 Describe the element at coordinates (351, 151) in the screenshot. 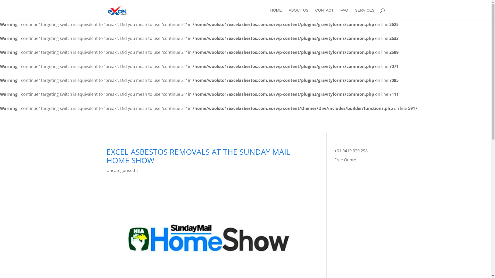

I see `'+61 0419 329 298'` at that location.